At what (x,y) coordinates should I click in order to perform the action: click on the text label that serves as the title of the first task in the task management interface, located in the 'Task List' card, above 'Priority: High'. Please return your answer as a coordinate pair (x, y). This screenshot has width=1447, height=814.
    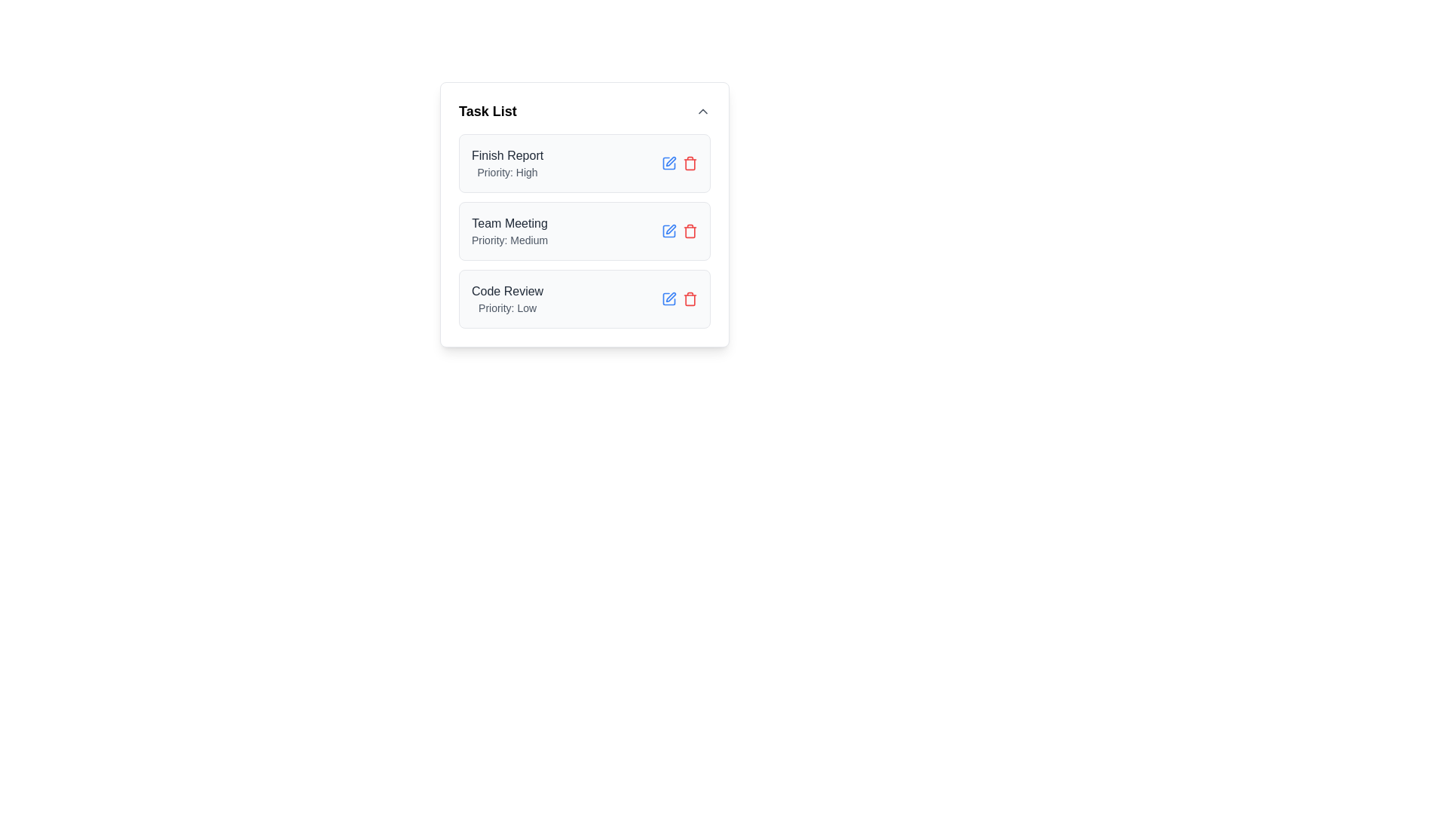
    Looking at the image, I should click on (507, 156).